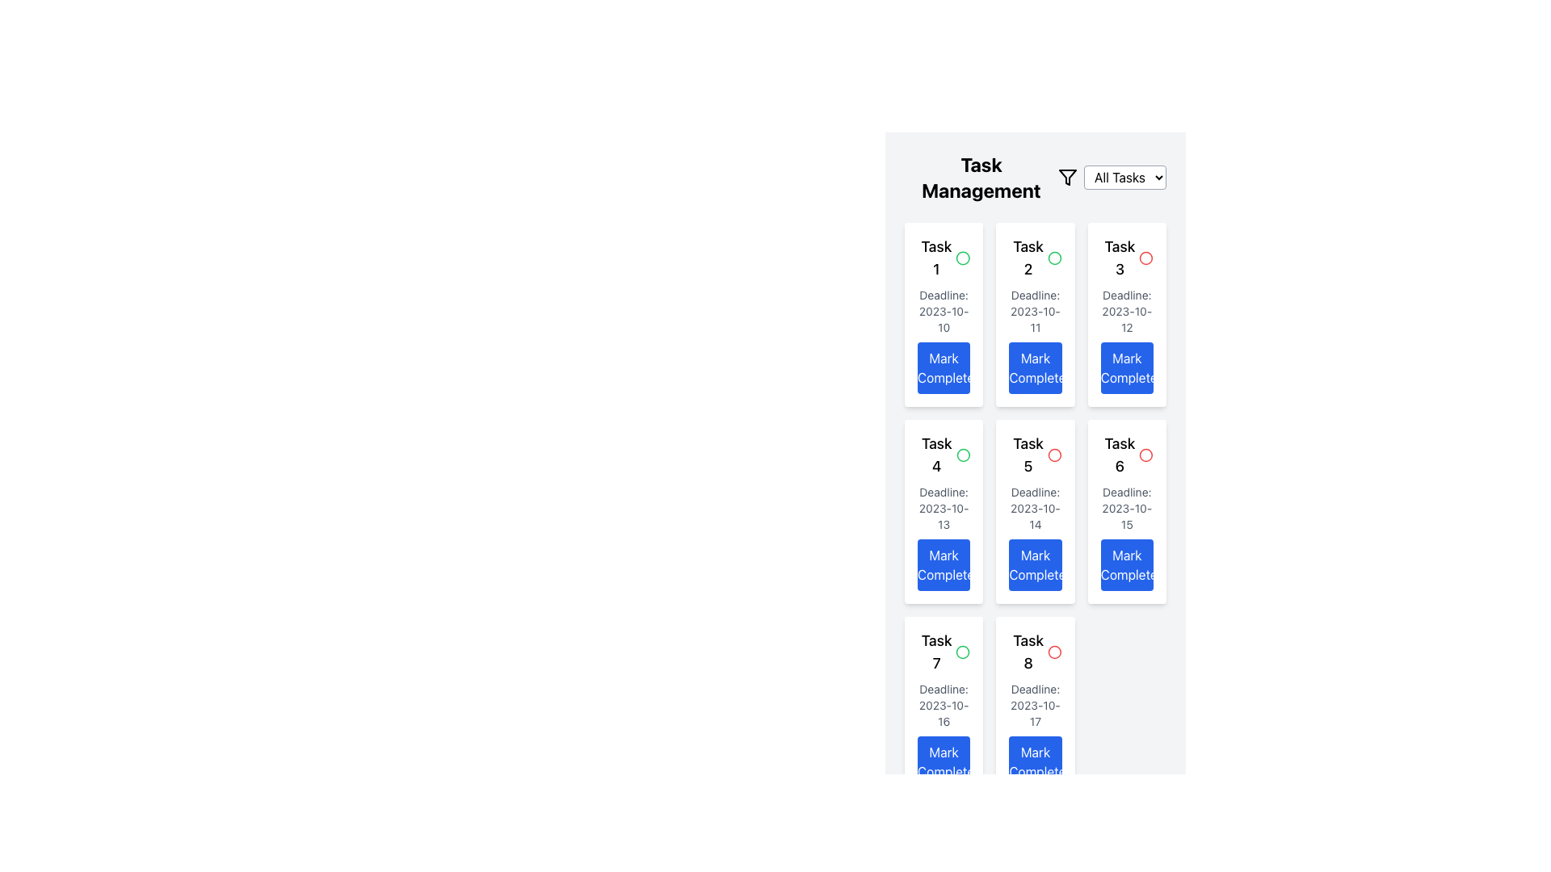 Image resolution: width=1551 pixels, height=872 pixels. I want to click on the blue button with white text that reads 'Mark Completed' located at the bottom of the 'Task 8' card, so click(1035, 762).